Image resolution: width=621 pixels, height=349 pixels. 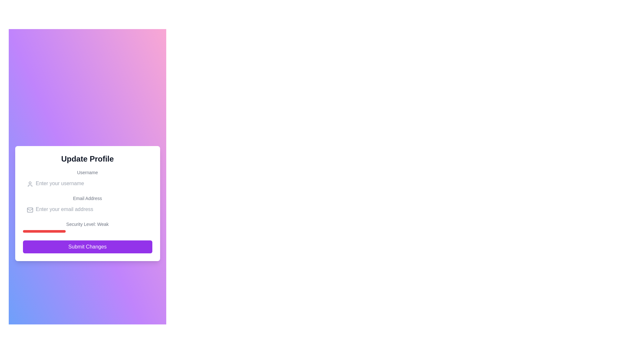 What do you see at coordinates (29, 210) in the screenshot?
I see `the email icon that visually represents an email indicator next to the 'Enter your email address' input field` at bounding box center [29, 210].